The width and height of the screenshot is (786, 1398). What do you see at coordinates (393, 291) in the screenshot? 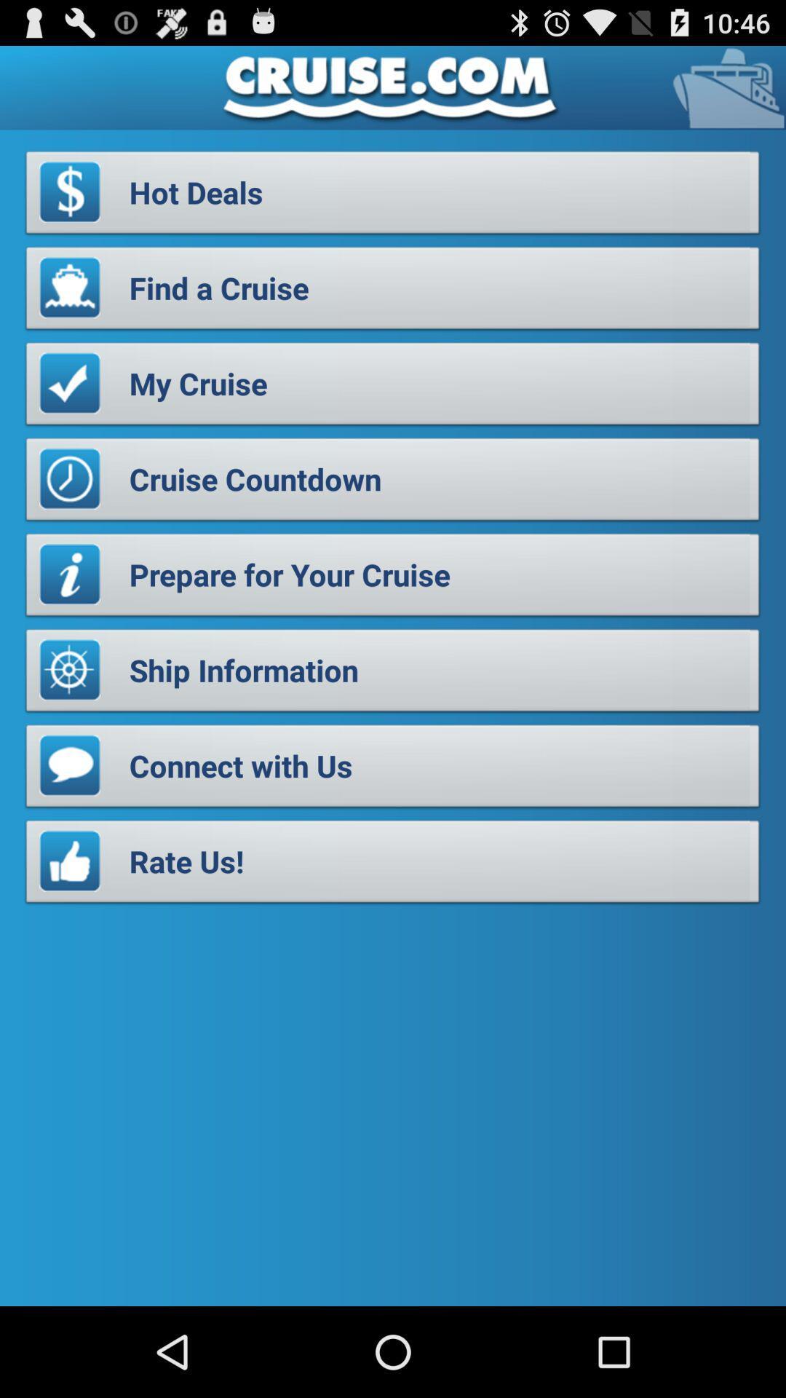
I see `the find a cruise` at bounding box center [393, 291].